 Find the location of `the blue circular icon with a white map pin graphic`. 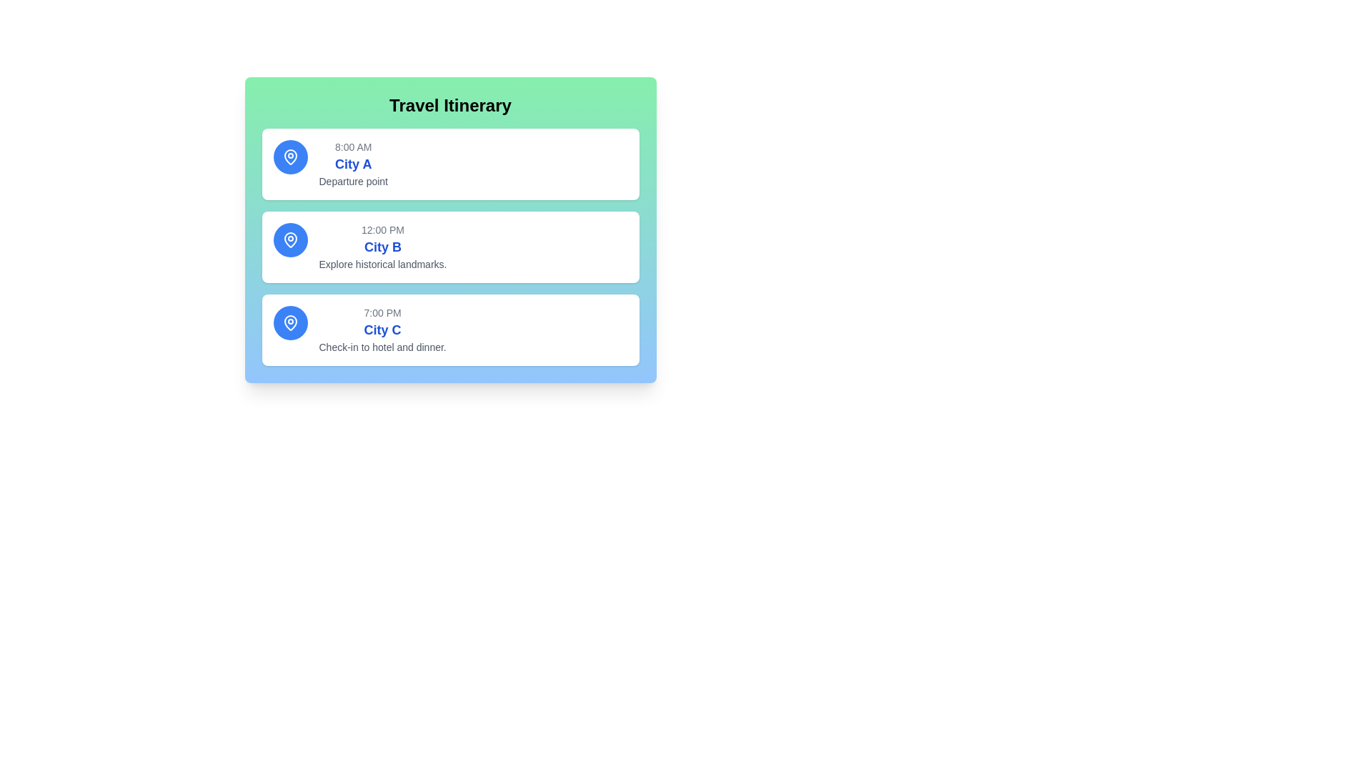

the blue circular icon with a white map pin graphic is located at coordinates (289, 322).